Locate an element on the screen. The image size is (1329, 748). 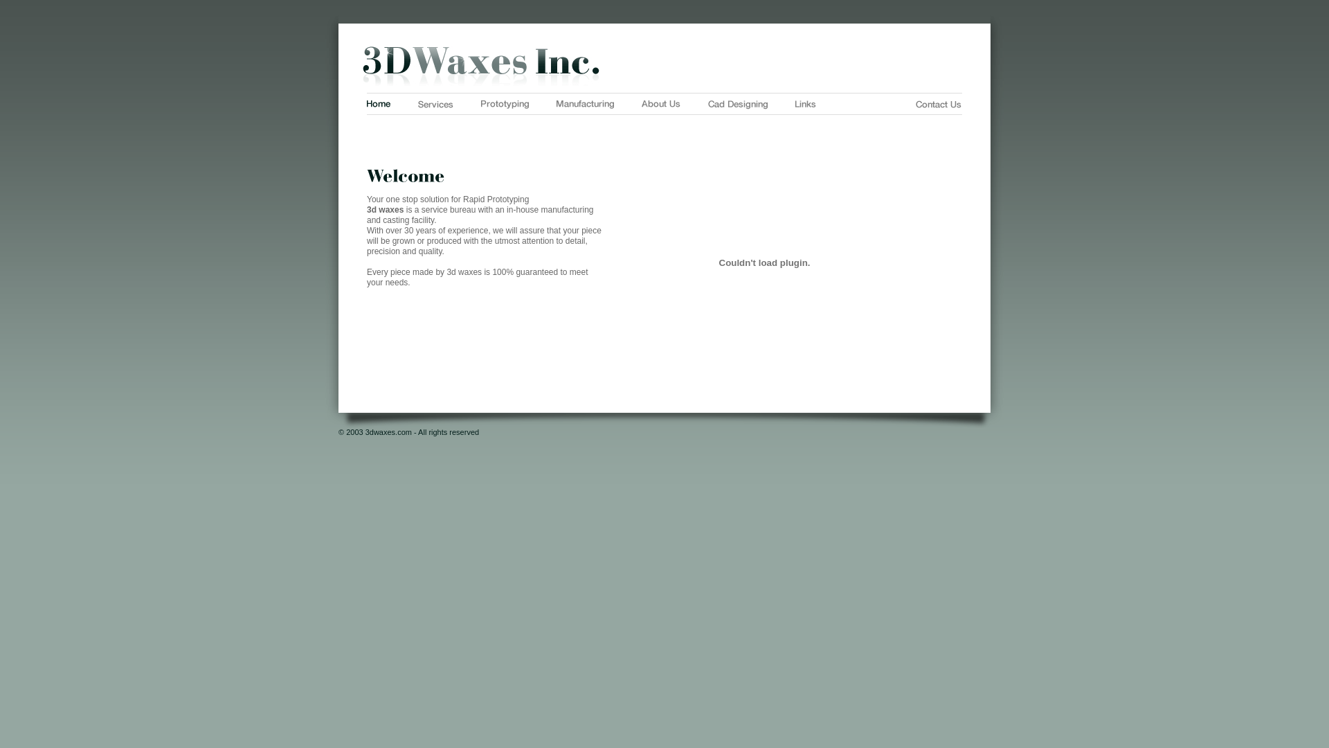
'Services' is located at coordinates (435, 103).